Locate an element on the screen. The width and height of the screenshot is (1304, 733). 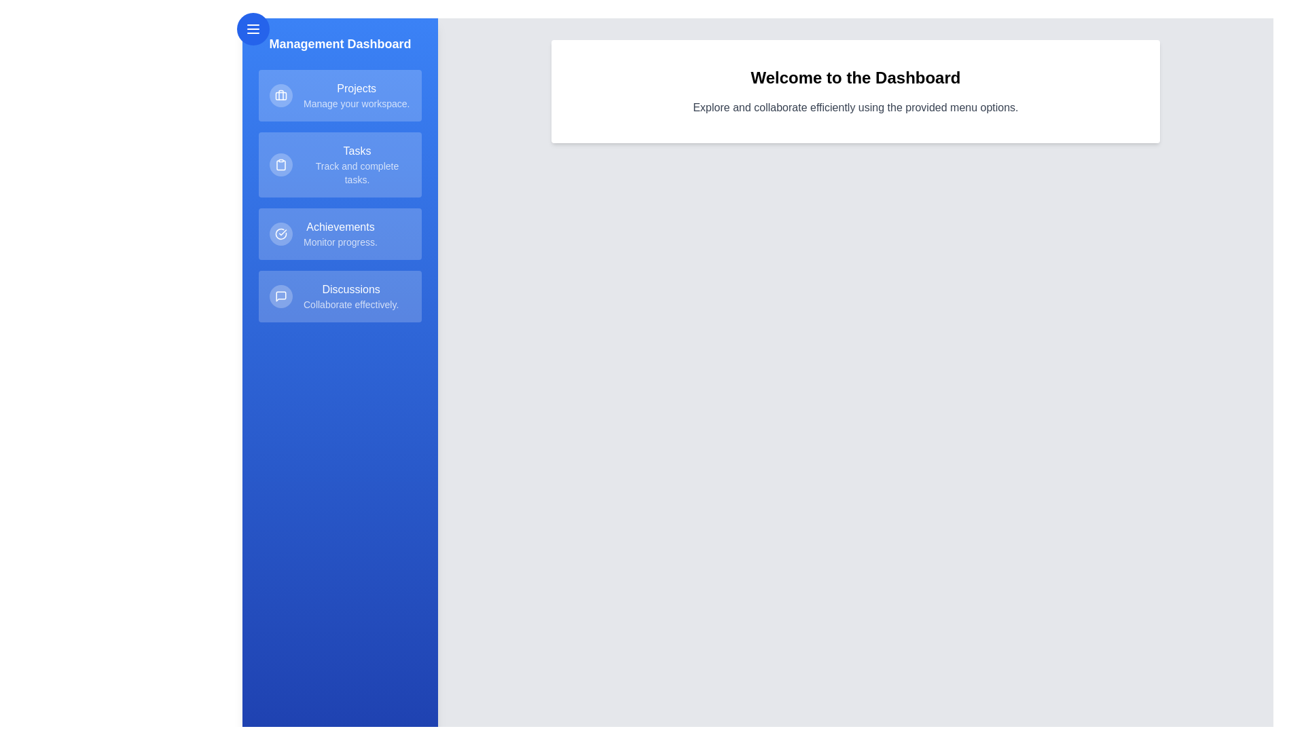
the icon for Achievements in the drawer is located at coordinates (280, 233).